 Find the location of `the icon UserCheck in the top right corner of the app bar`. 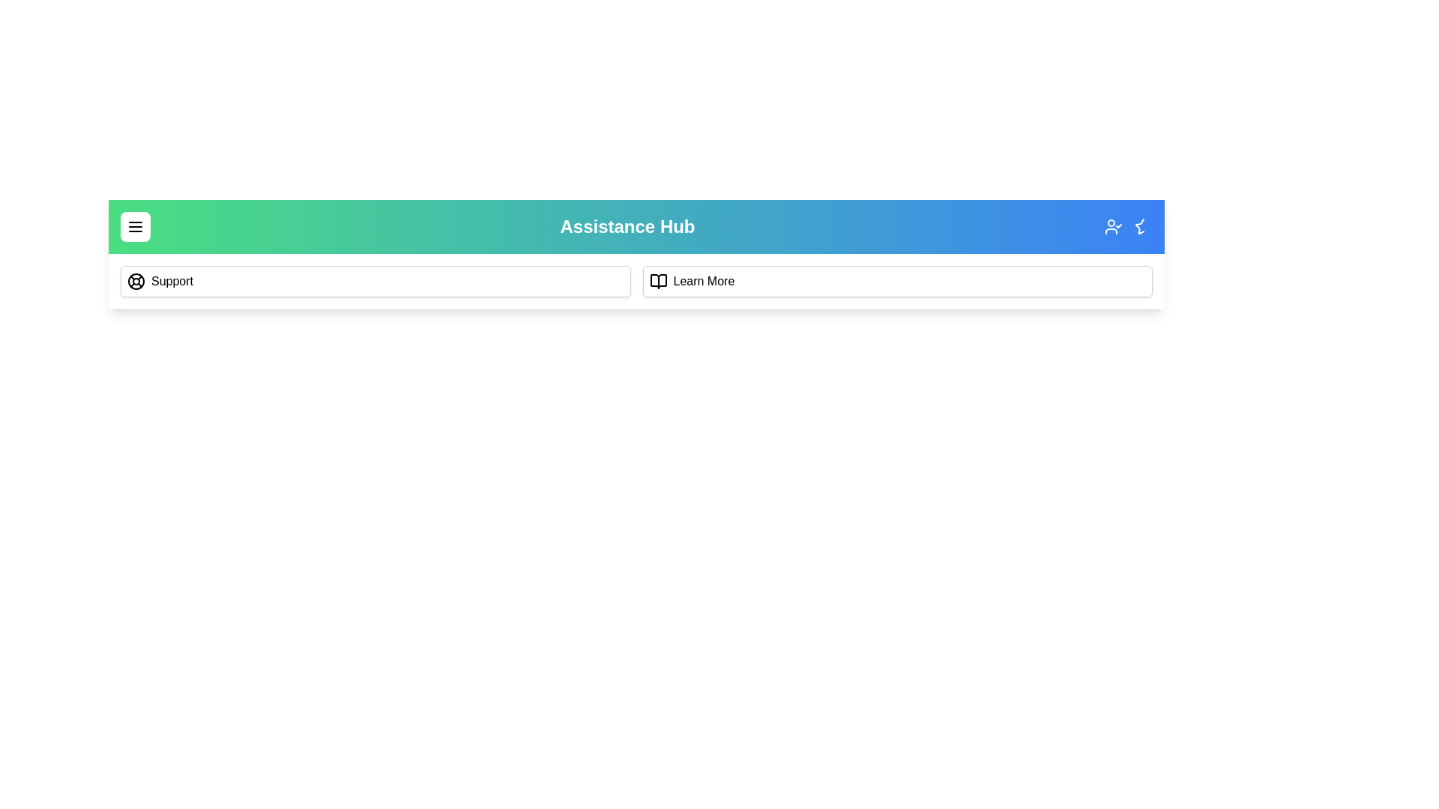

the icon UserCheck in the top right corner of the app bar is located at coordinates (1114, 227).